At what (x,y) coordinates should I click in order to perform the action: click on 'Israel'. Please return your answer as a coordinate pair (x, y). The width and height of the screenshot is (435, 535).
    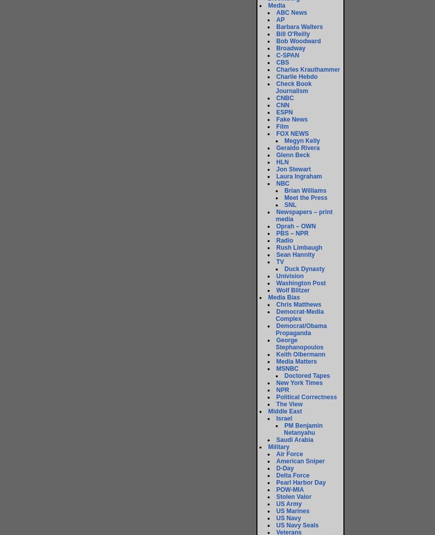
    Looking at the image, I should click on (284, 418).